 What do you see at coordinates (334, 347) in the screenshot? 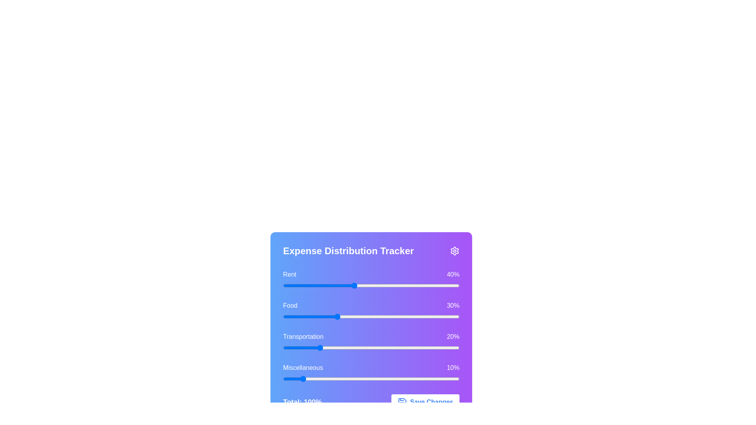
I see `the 'Transportation' slider` at bounding box center [334, 347].